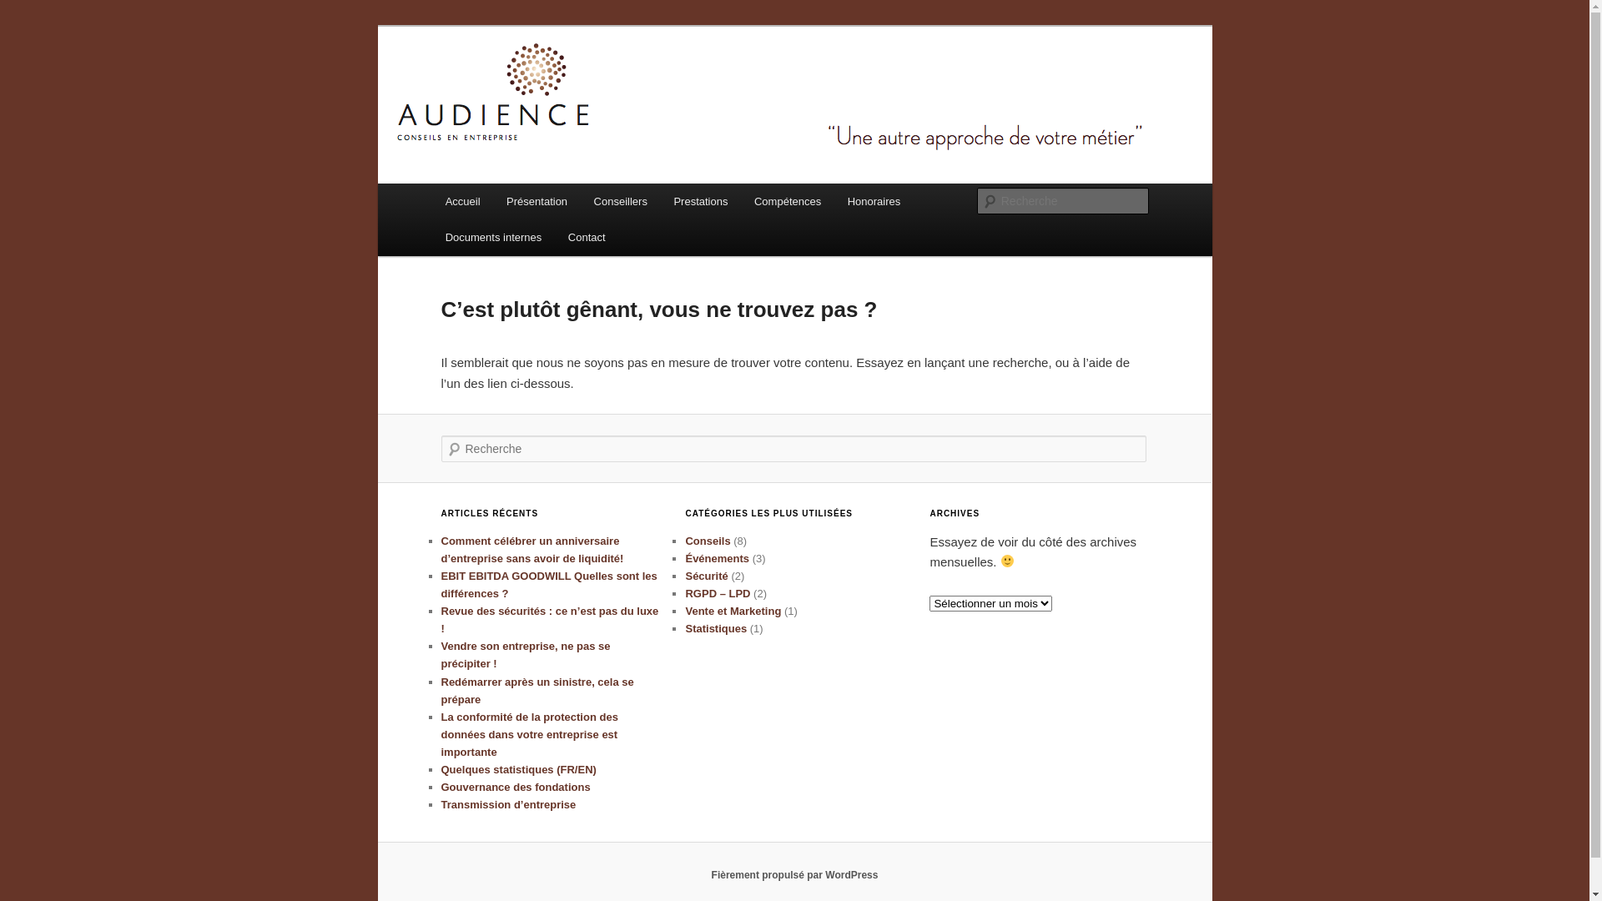 This screenshot has width=1602, height=901. I want to click on 'Audience', so click(496, 87).